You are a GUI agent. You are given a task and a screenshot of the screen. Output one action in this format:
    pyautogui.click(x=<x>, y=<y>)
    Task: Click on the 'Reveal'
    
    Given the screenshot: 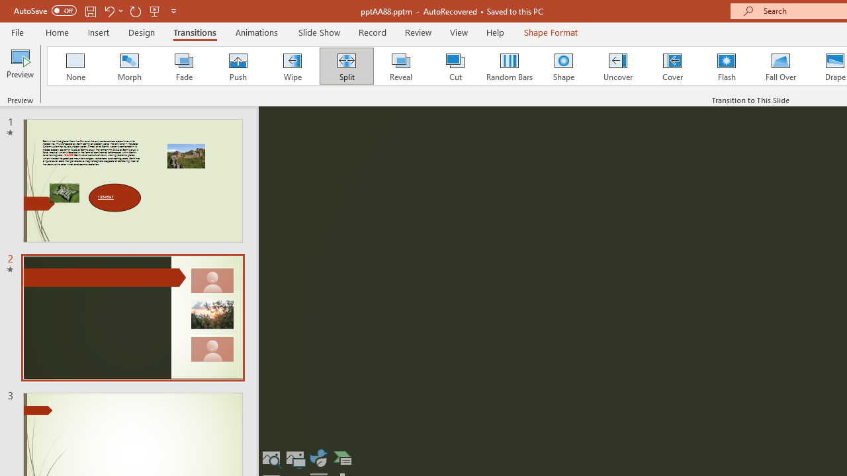 What is the action you would take?
    pyautogui.click(x=400, y=66)
    